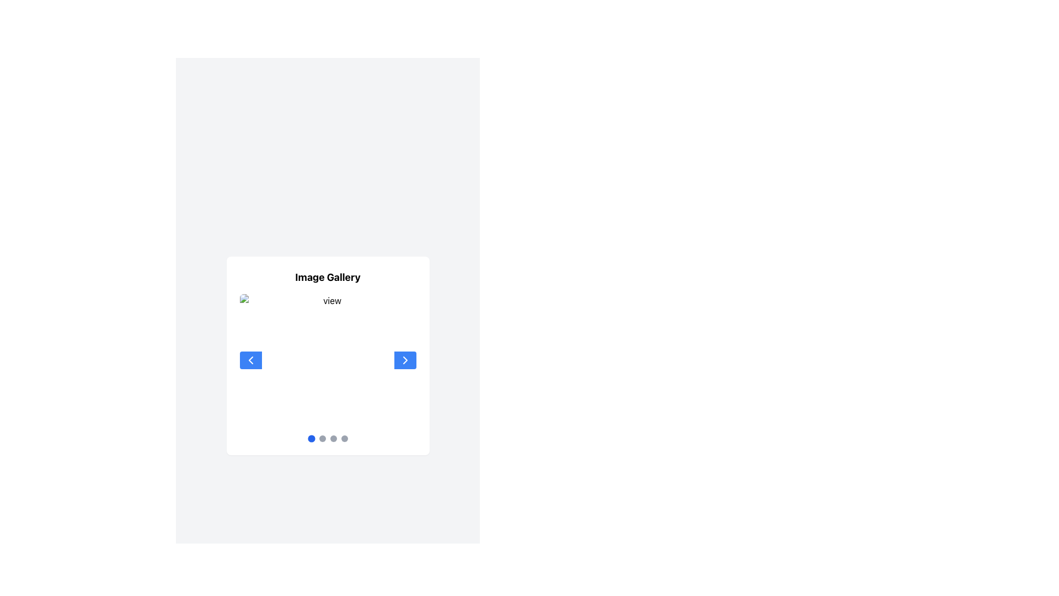 The width and height of the screenshot is (1059, 596). What do you see at coordinates (327, 438) in the screenshot?
I see `the blue circular indicator in the image gallery card` at bounding box center [327, 438].